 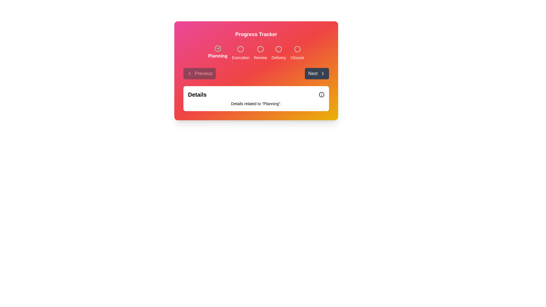 I want to click on the 'Next' button which contains the right-chevron icon at its rightmost position, so click(x=322, y=73).